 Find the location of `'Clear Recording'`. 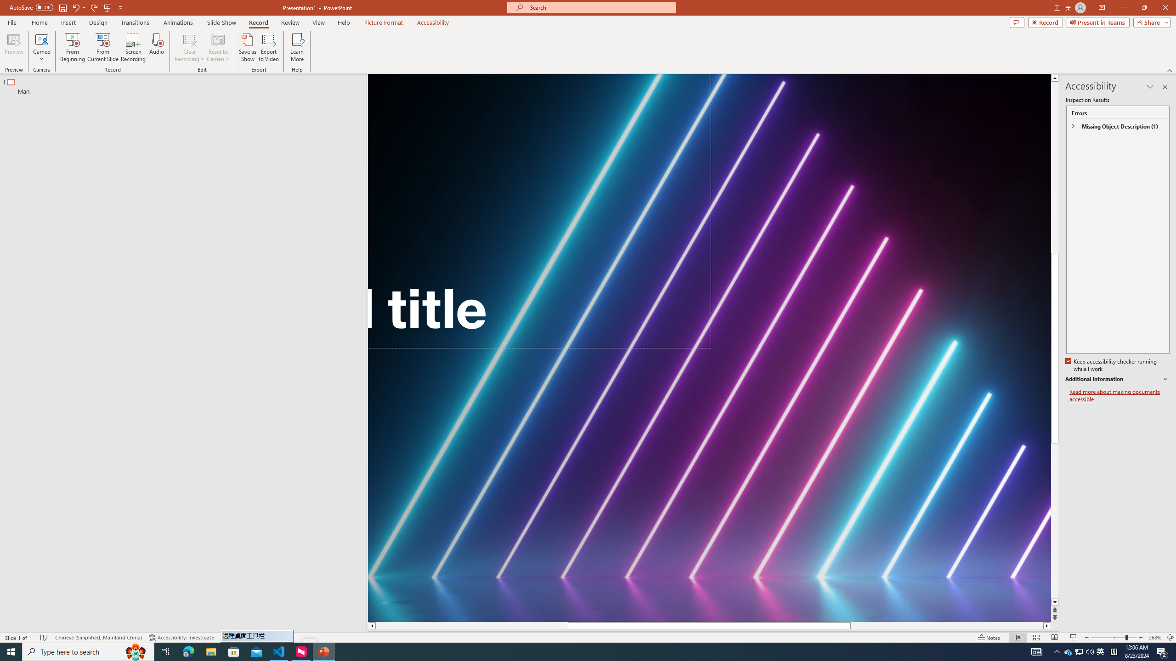

'Clear Recording' is located at coordinates (189, 47).